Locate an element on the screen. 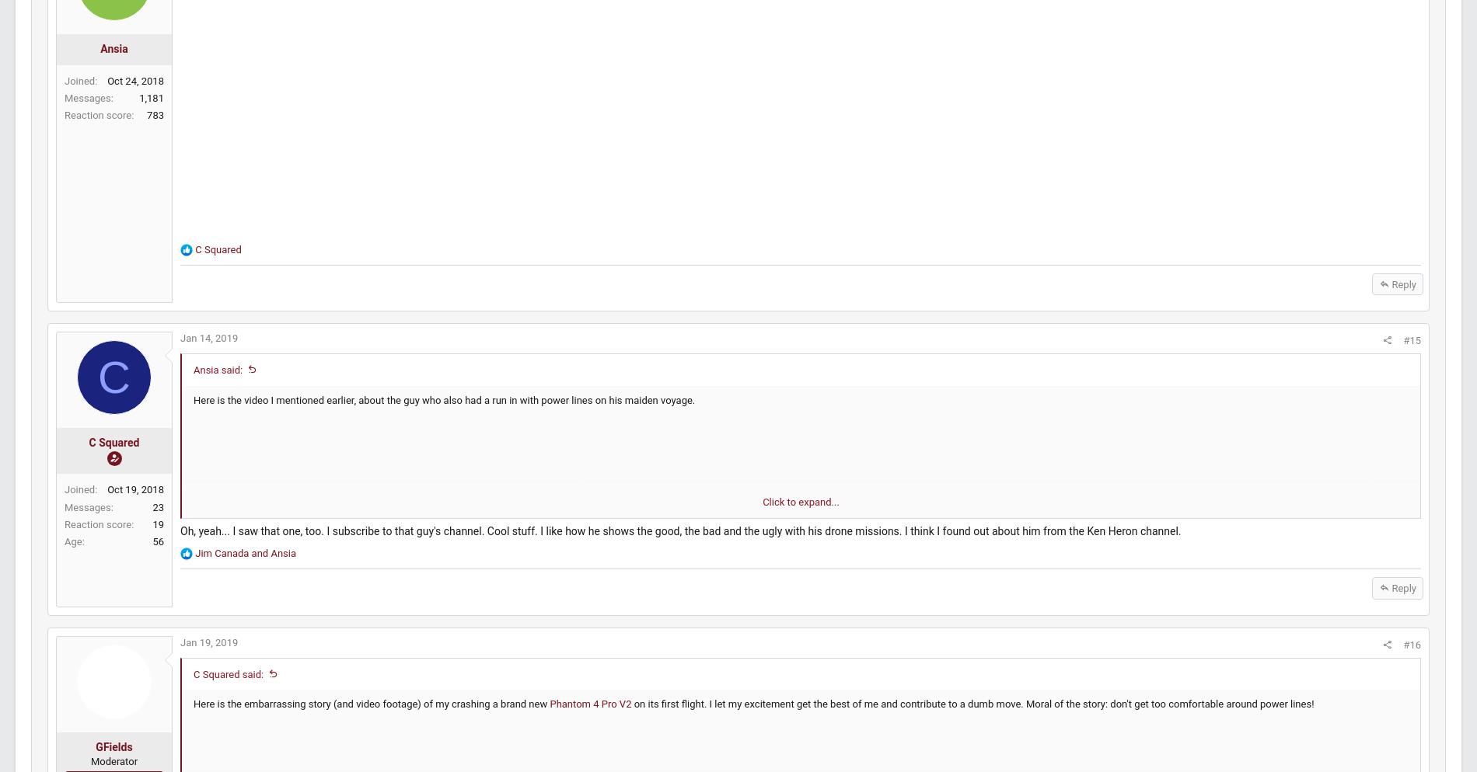 The image size is (1477, 772). 'Here is the embarrassing story (and video footage) of my crashing a brand new' is located at coordinates (407, 734).